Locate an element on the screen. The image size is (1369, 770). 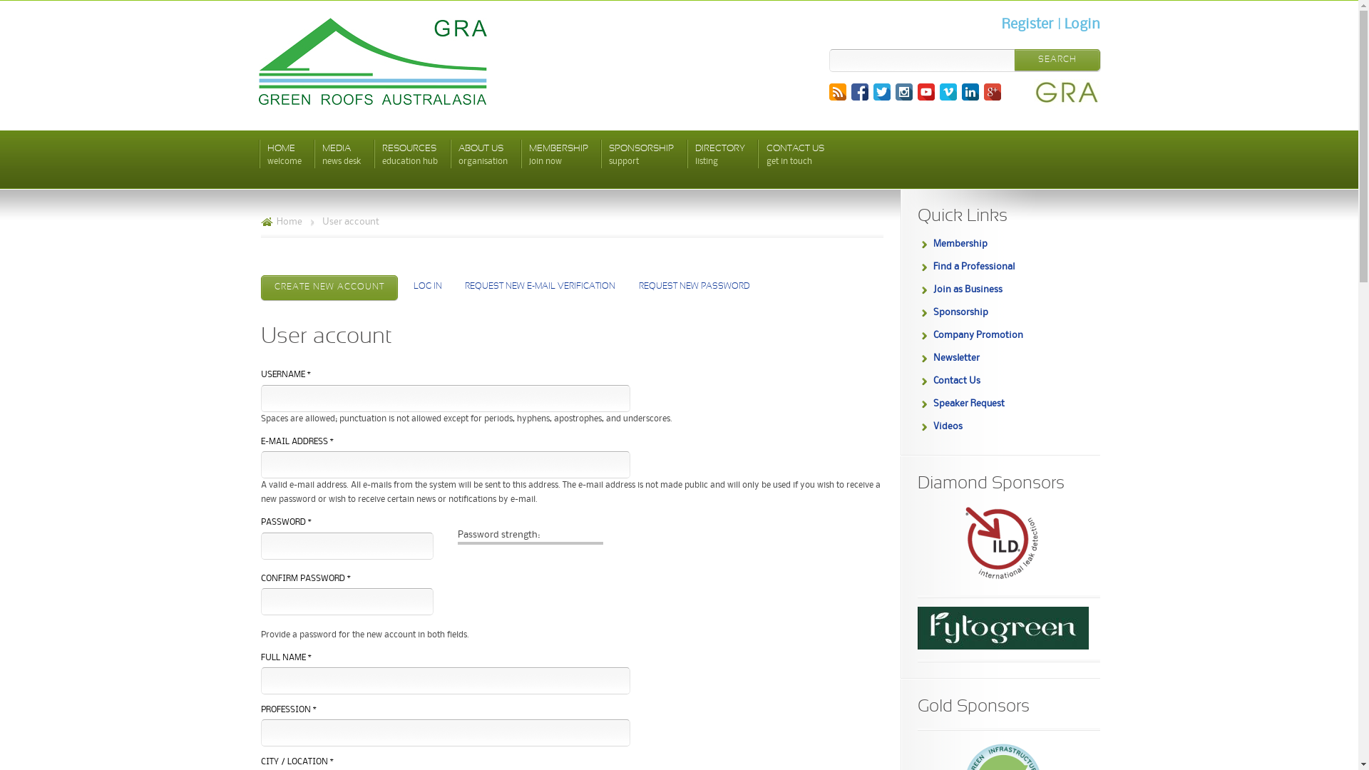
'Facebook' is located at coordinates (861, 93).